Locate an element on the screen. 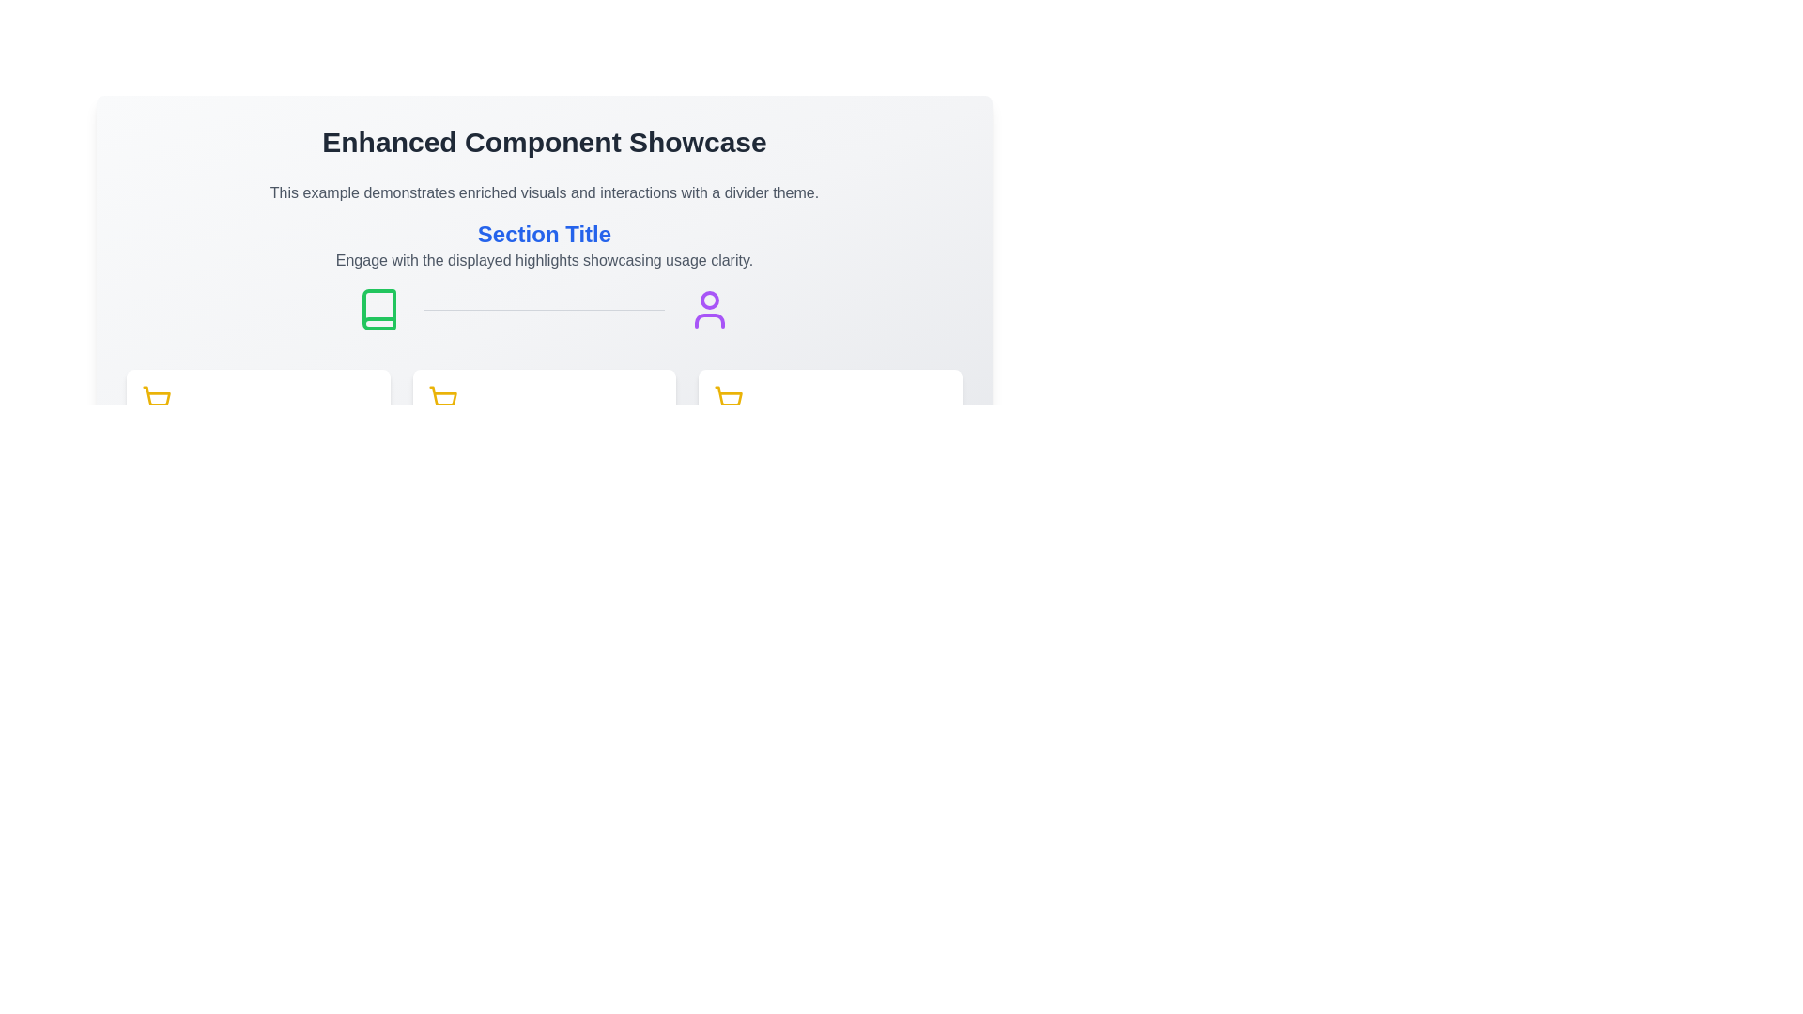 The height and width of the screenshot is (1014, 1803). the descriptive subtitle text located directly beneath the blue-colored 'Section Title' on the page is located at coordinates (544, 260).